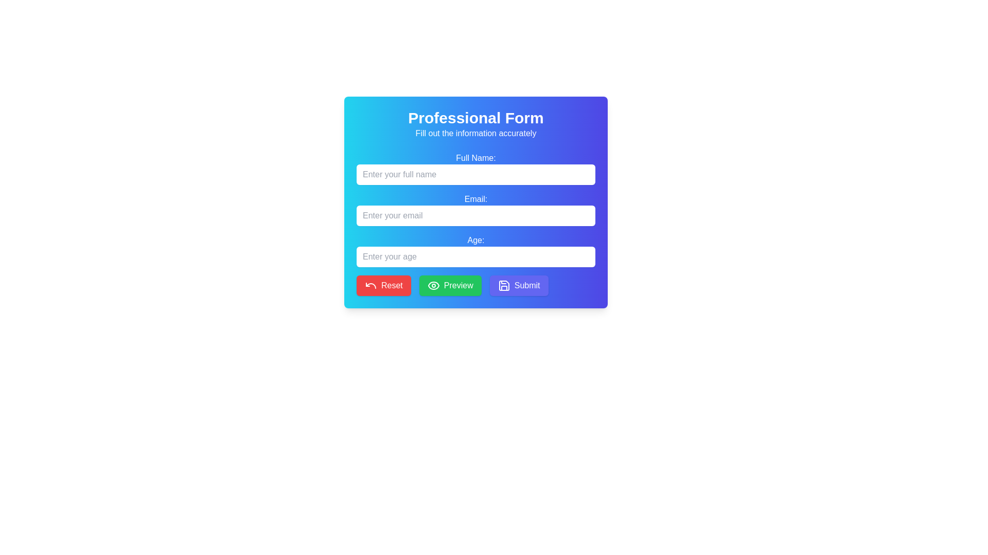  What do you see at coordinates (383, 285) in the screenshot?
I see `the Reset button located at the bottom of the form to clear or reset the input fields` at bounding box center [383, 285].